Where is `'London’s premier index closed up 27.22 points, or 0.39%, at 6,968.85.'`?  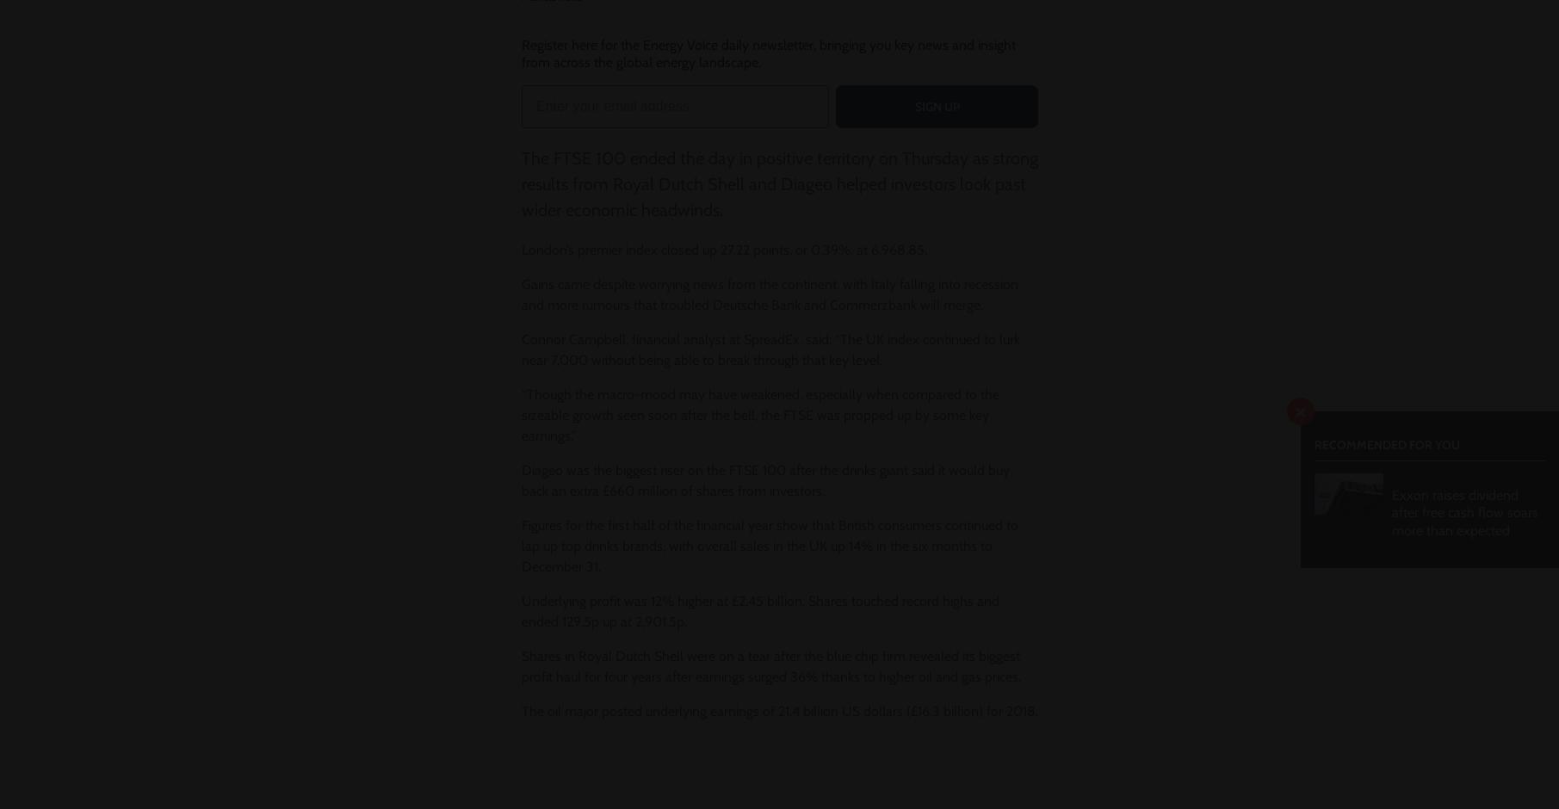
'London’s premier index closed up 27.22 points, or 0.39%, at 6,968.85.' is located at coordinates (723, 249).